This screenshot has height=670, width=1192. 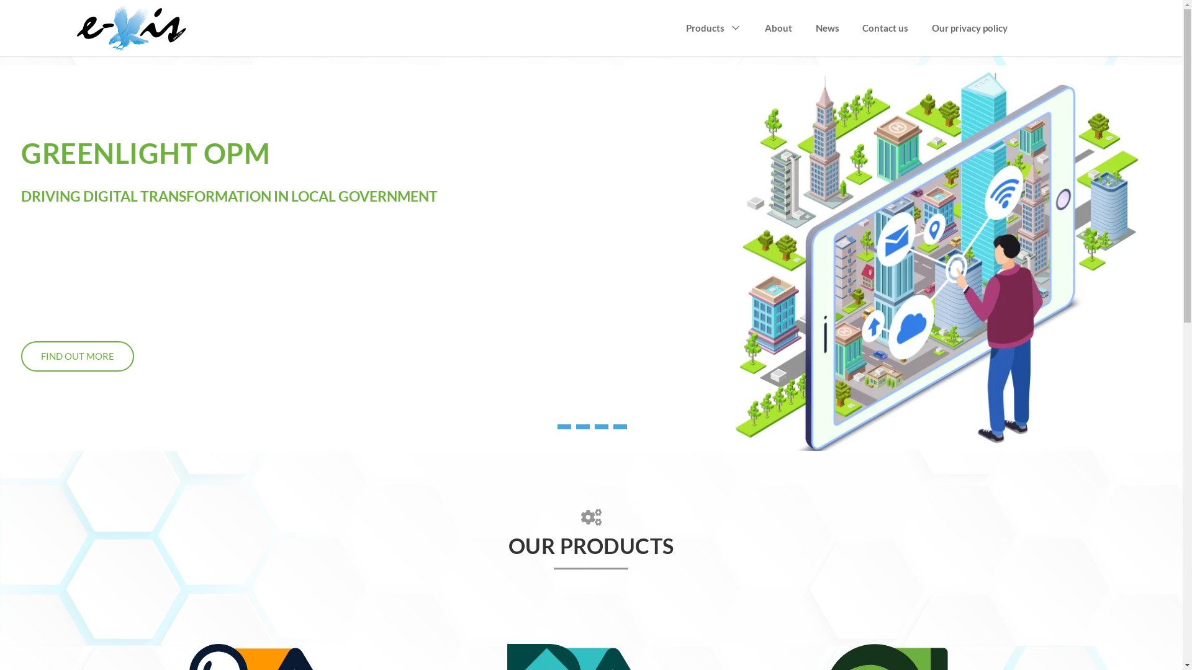 I want to click on 'FIND OUT MORE', so click(x=76, y=356).